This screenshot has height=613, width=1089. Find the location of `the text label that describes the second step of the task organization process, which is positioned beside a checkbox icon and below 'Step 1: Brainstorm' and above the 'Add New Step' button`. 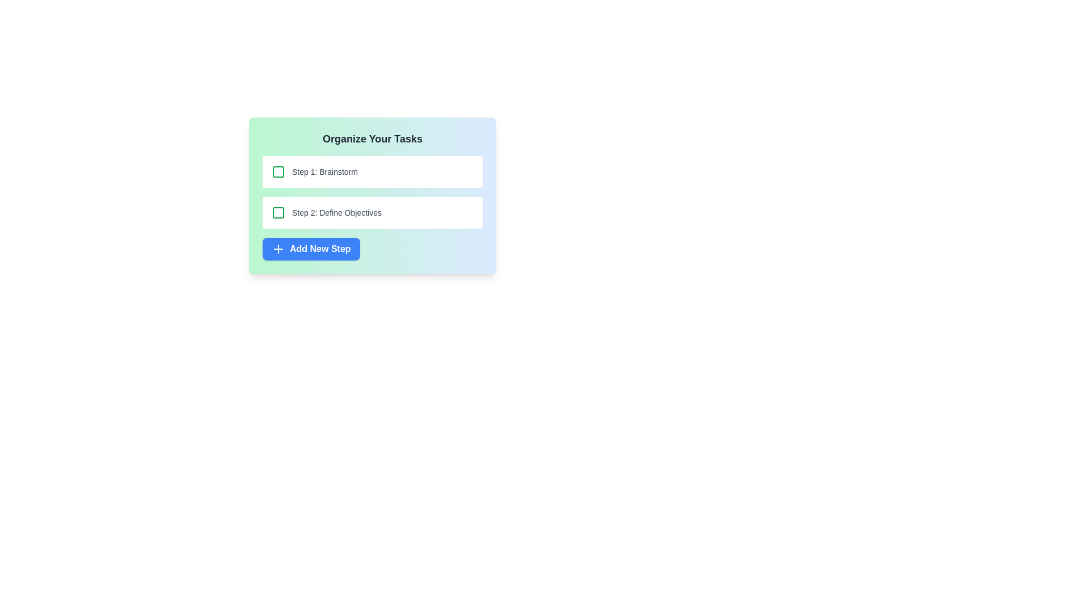

the text label that describes the second step of the task organization process, which is positioned beside a checkbox icon and below 'Step 1: Brainstorm' and above the 'Add New Step' button is located at coordinates (336, 212).